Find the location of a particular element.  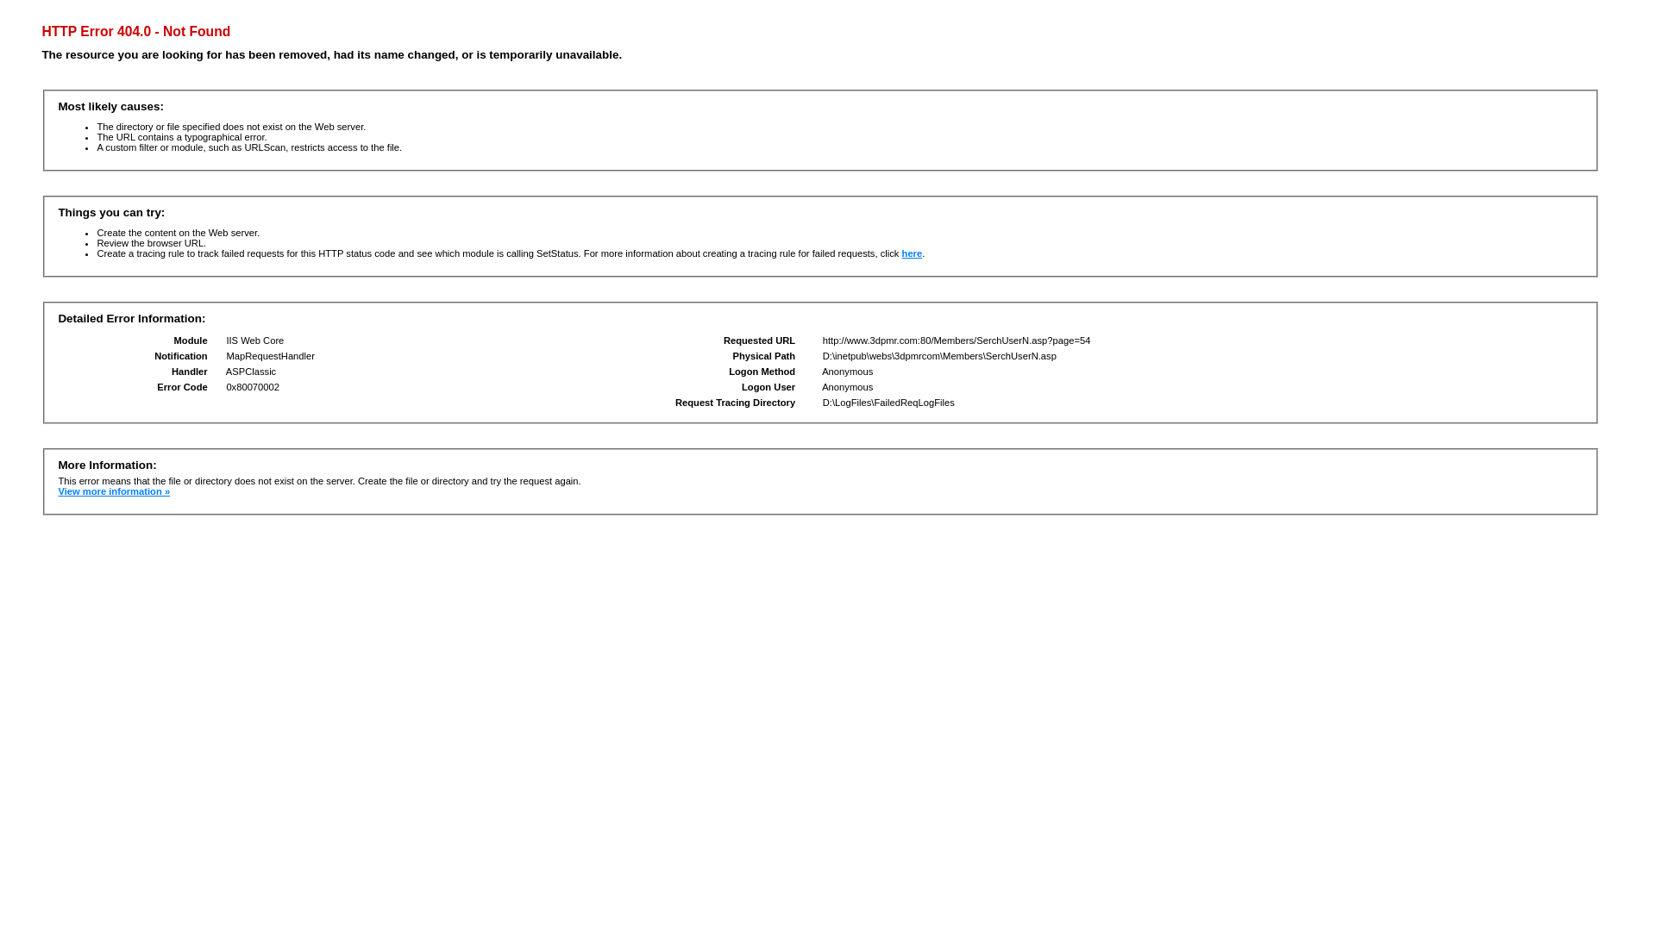

'here' is located at coordinates (911, 253).